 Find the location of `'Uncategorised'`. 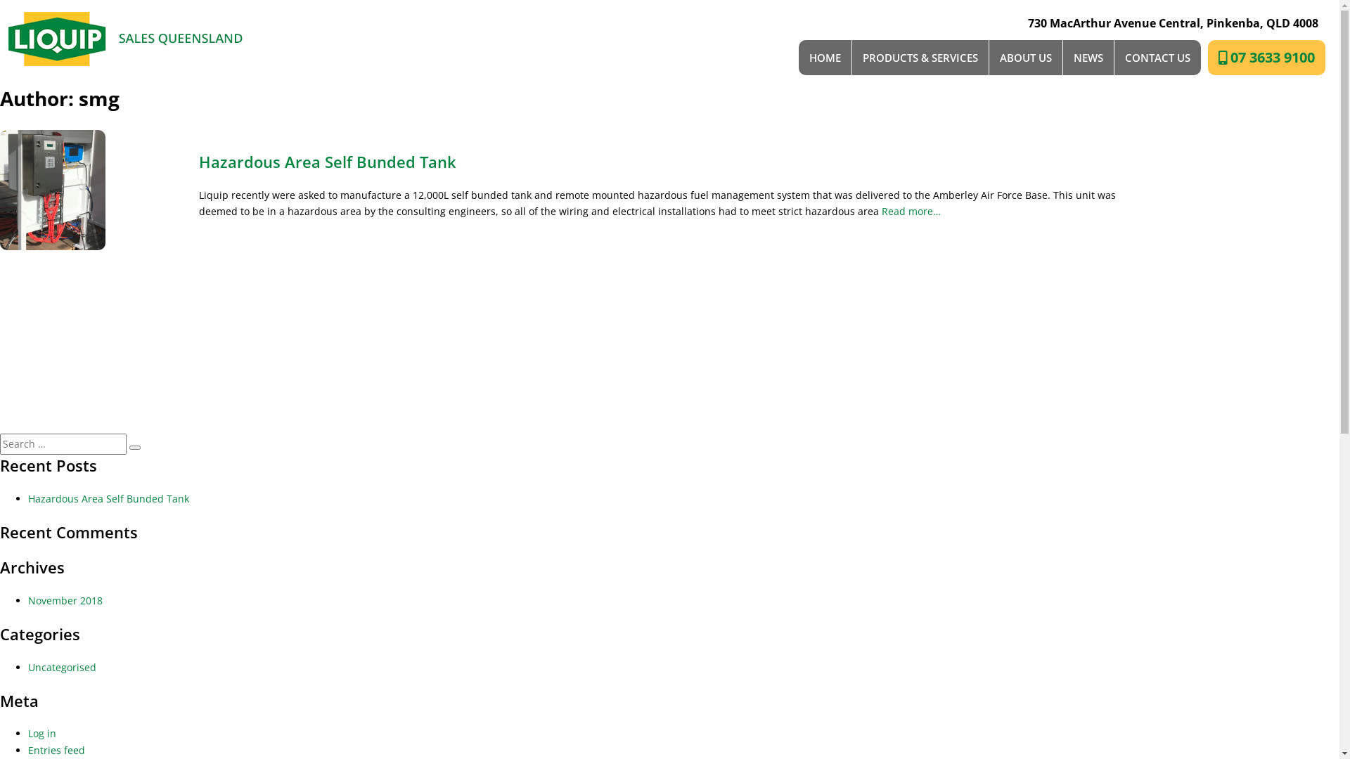

'Uncategorised' is located at coordinates (27, 666).